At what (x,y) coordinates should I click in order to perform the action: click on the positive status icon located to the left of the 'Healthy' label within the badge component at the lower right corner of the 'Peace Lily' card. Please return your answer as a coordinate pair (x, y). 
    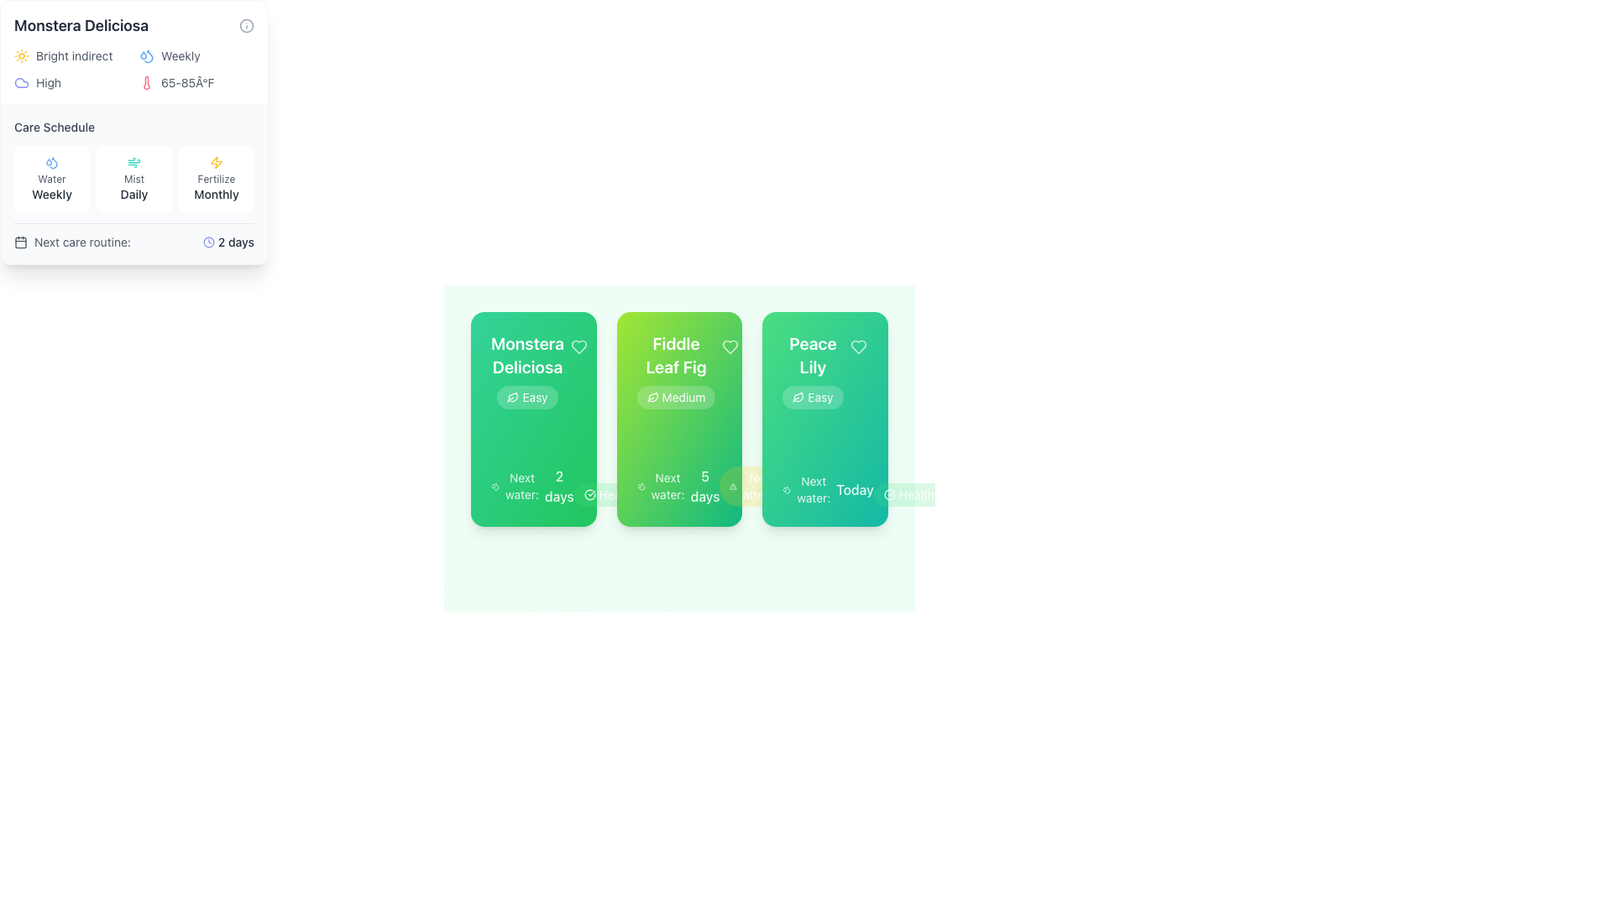
    Looking at the image, I should click on (888, 494).